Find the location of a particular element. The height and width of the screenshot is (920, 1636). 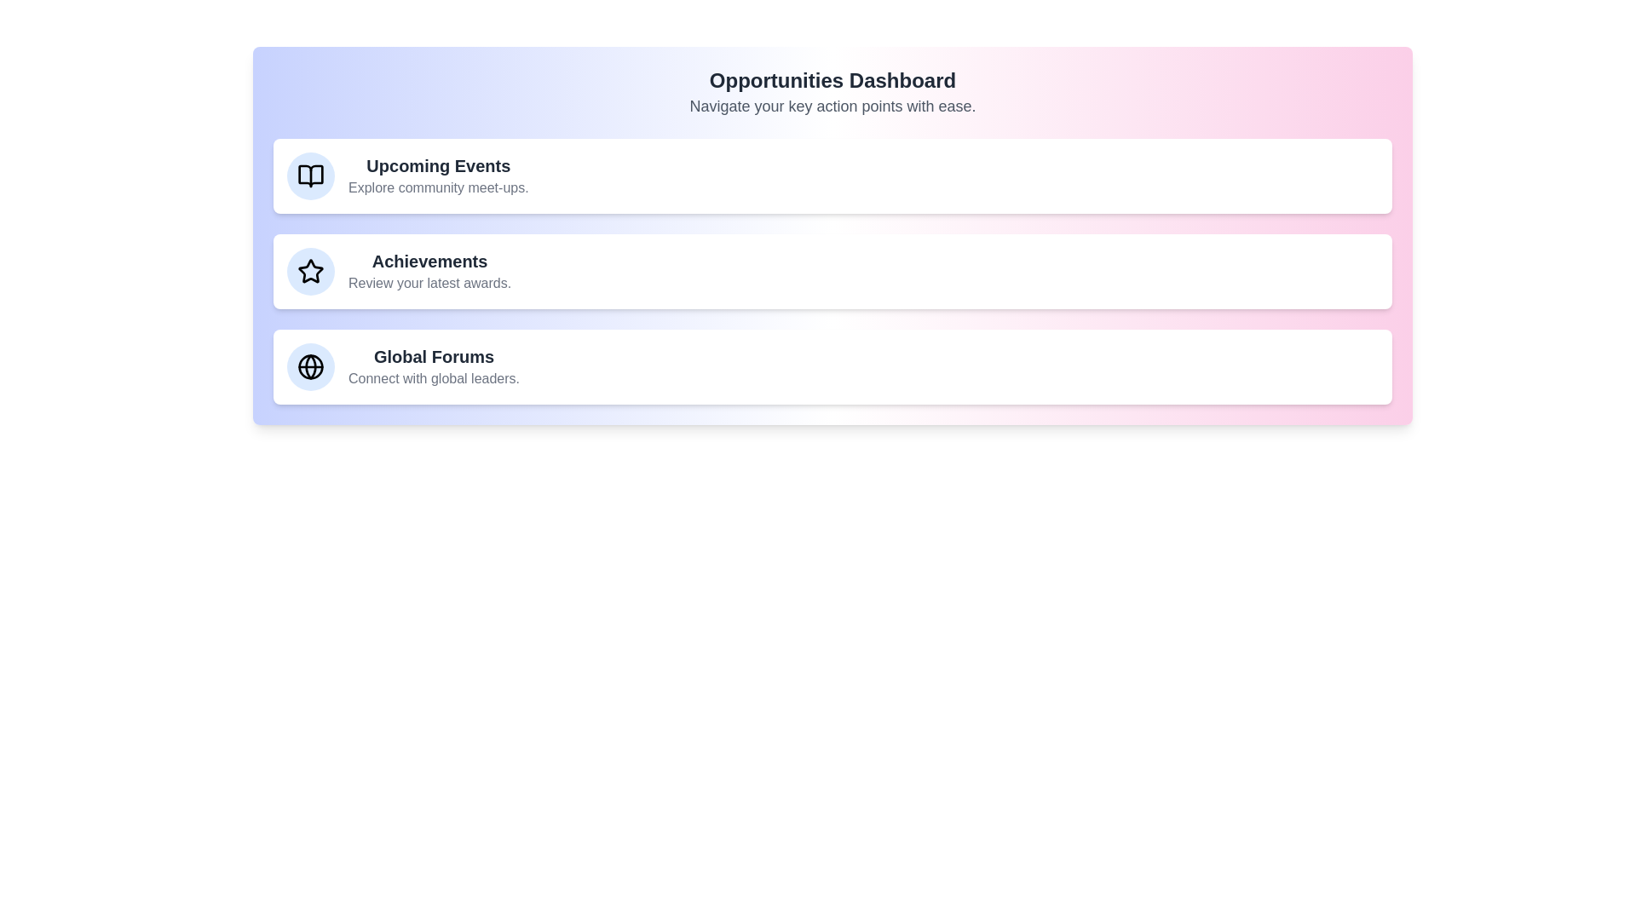

the card representing the opportunity titled 'Global Forums' to select it is located at coordinates (832, 366).